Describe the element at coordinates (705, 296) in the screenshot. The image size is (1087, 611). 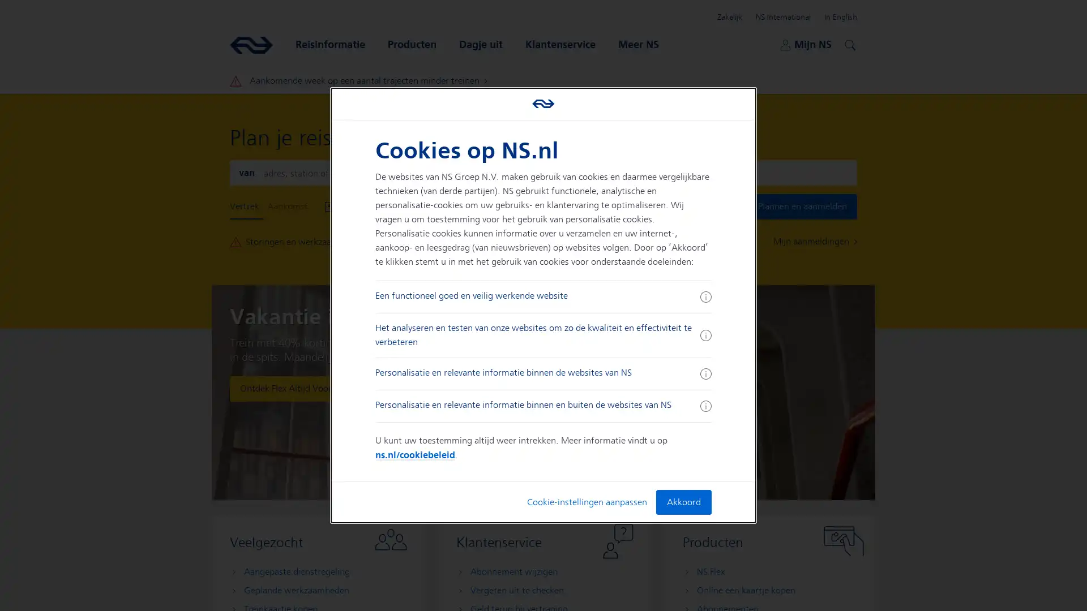
I see `Meer informatie ingeklapt` at that location.